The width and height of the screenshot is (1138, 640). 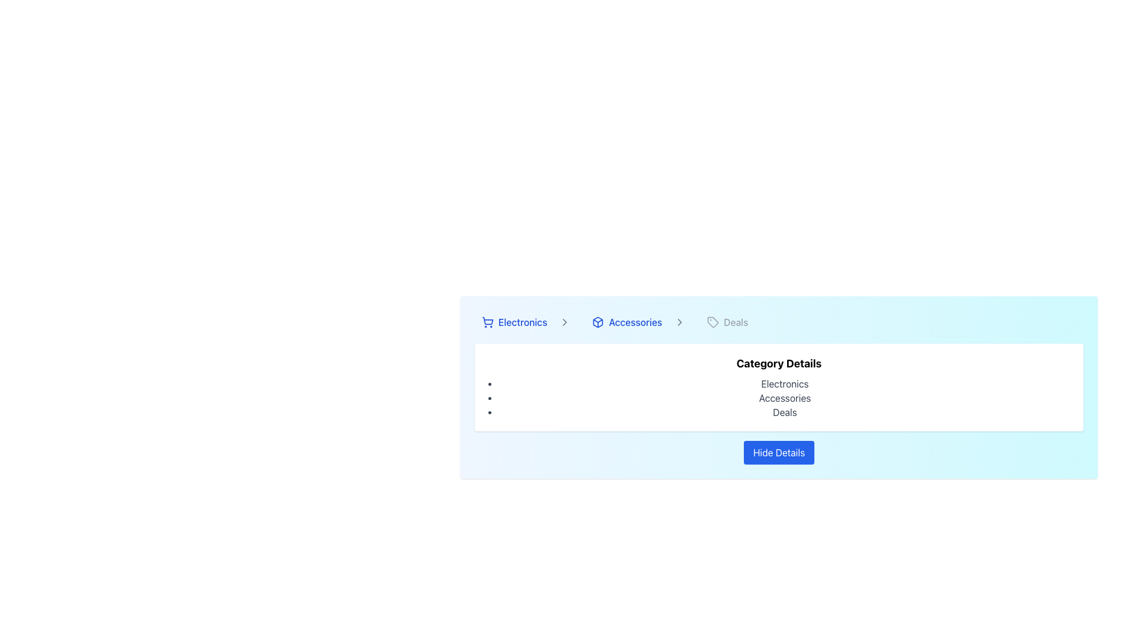 I want to click on the 'Deals' breadcrumb navigation link, which is the third item in the breadcrumb bar and styled in medium gray, so click(x=727, y=322).